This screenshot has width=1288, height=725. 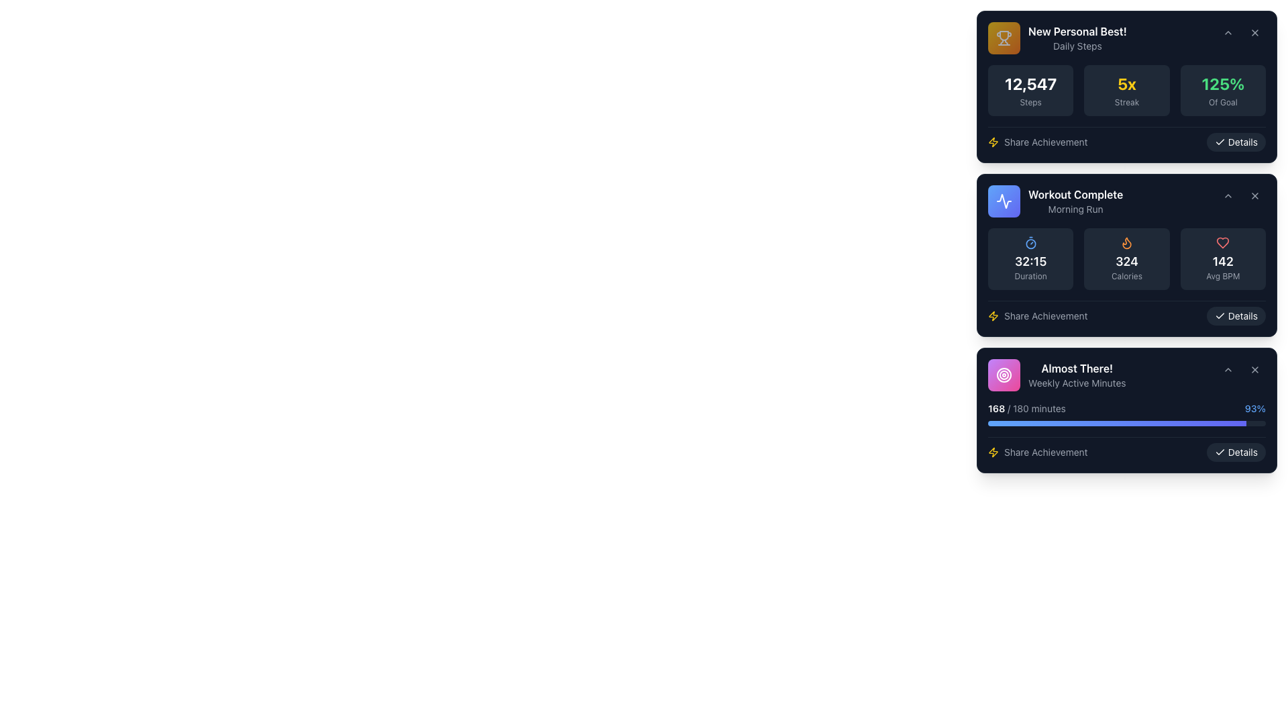 What do you see at coordinates (1228, 196) in the screenshot?
I see `the small upward-pointing chevron button located in the top-right corner of the 'Workout Complete' box` at bounding box center [1228, 196].